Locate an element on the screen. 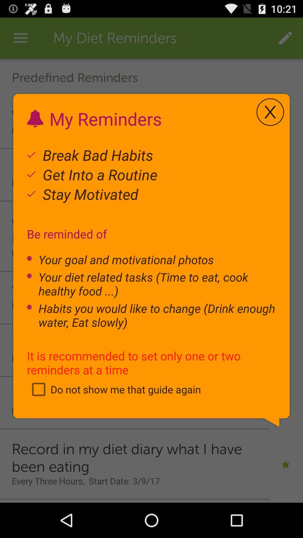 The height and width of the screenshot is (538, 303). item below the it is recommended item is located at coordinates (114, 389).